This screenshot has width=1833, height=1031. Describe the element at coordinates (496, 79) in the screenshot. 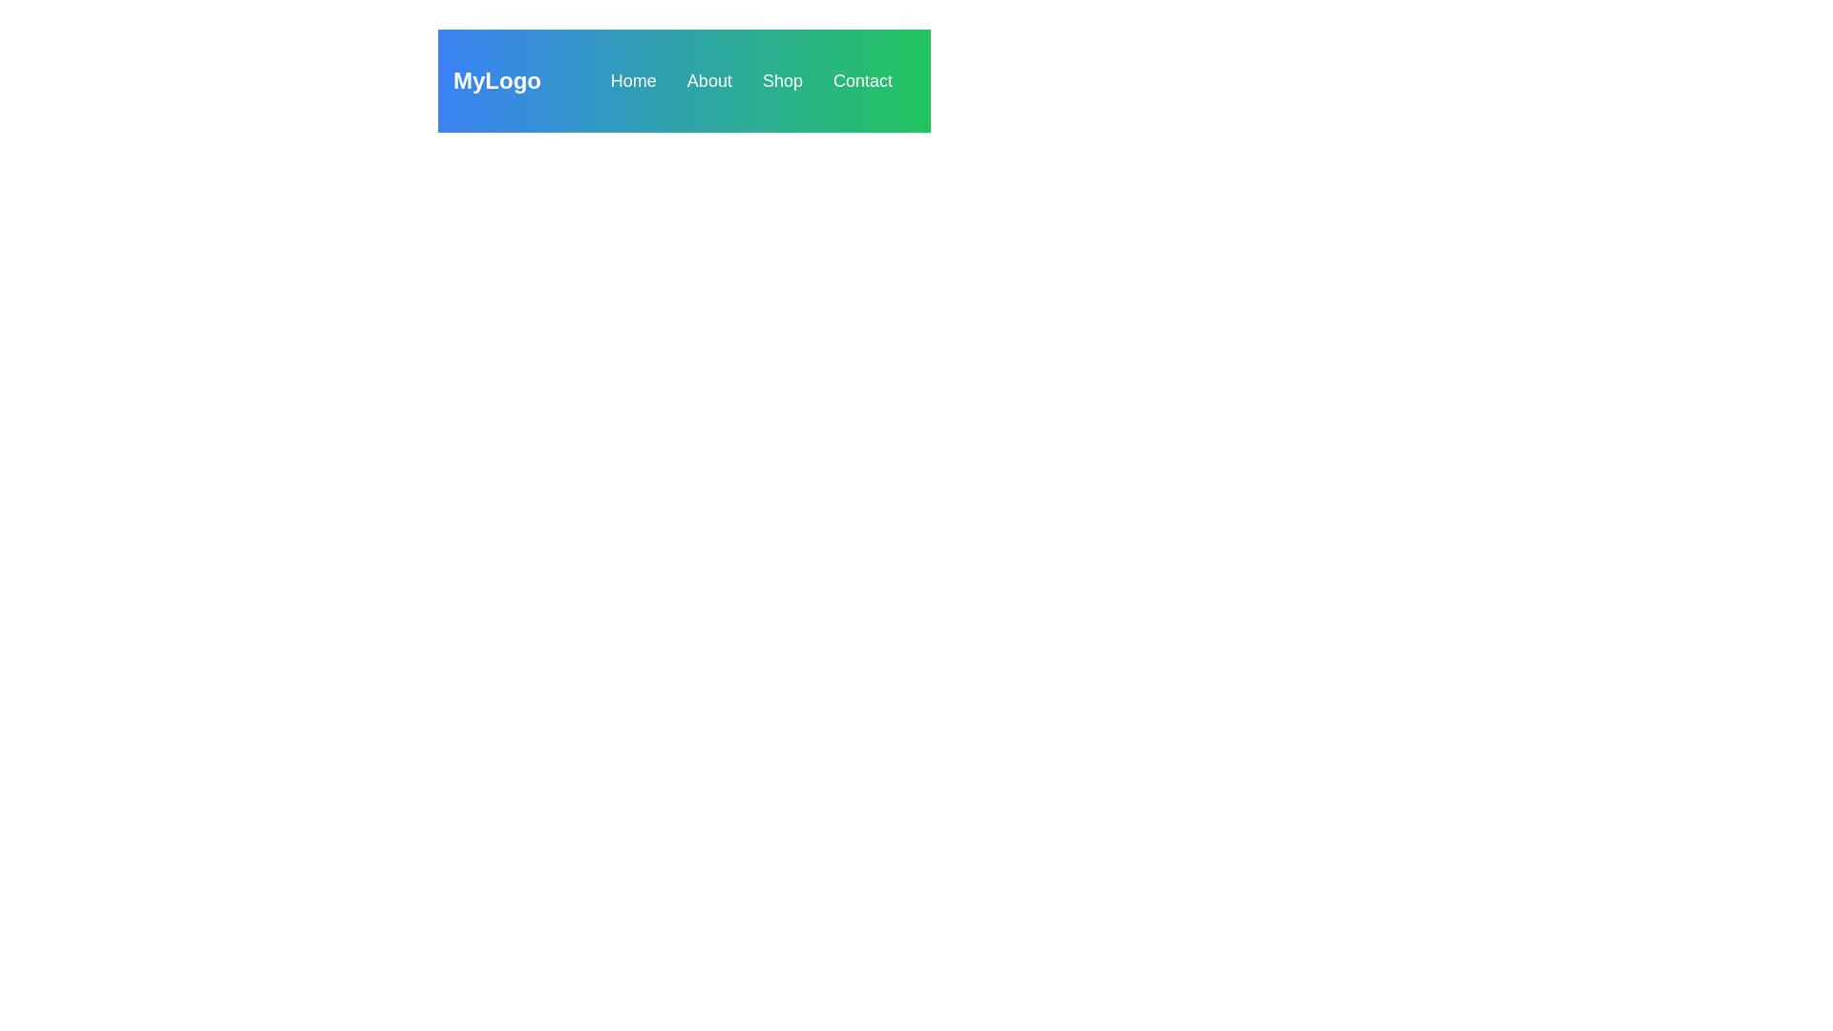

I see `the logo branding representation located at the extreme leftmost side of the navigation bar` at that location.